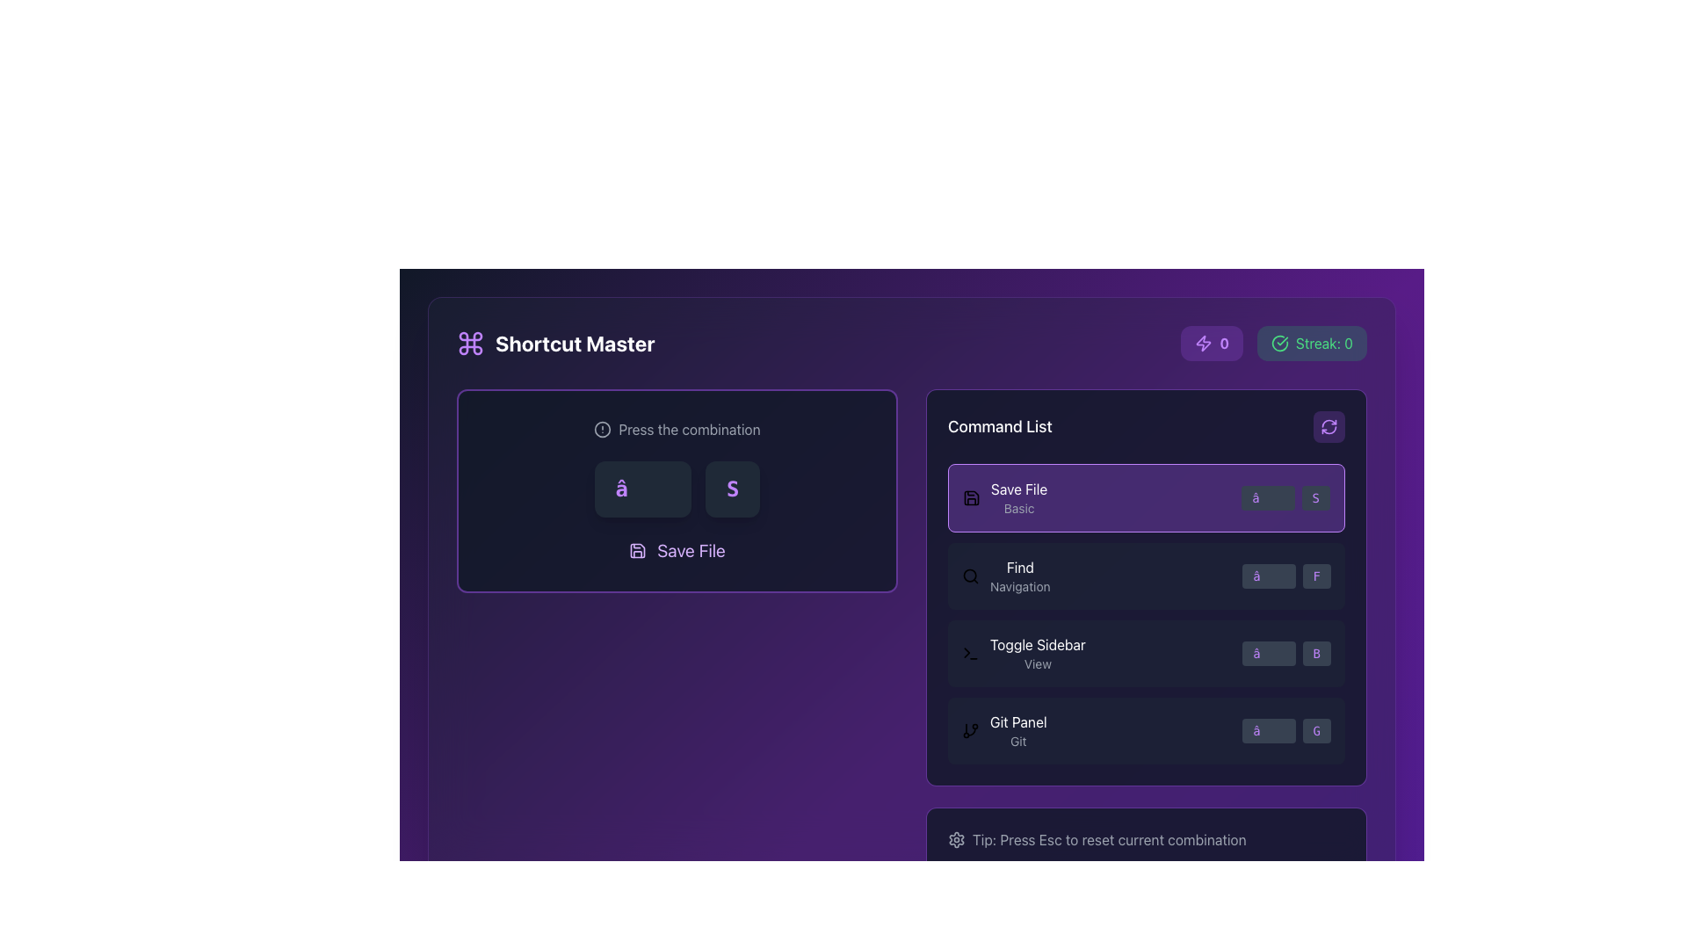 Image resolution: width=1687 pixels, height=949 pixels. Describe the element at coordinates (1329, 427) in the screenshot. I see `the circular refresh button with a light purple color located in the top-right corner of the 'Command List' section` at that location.